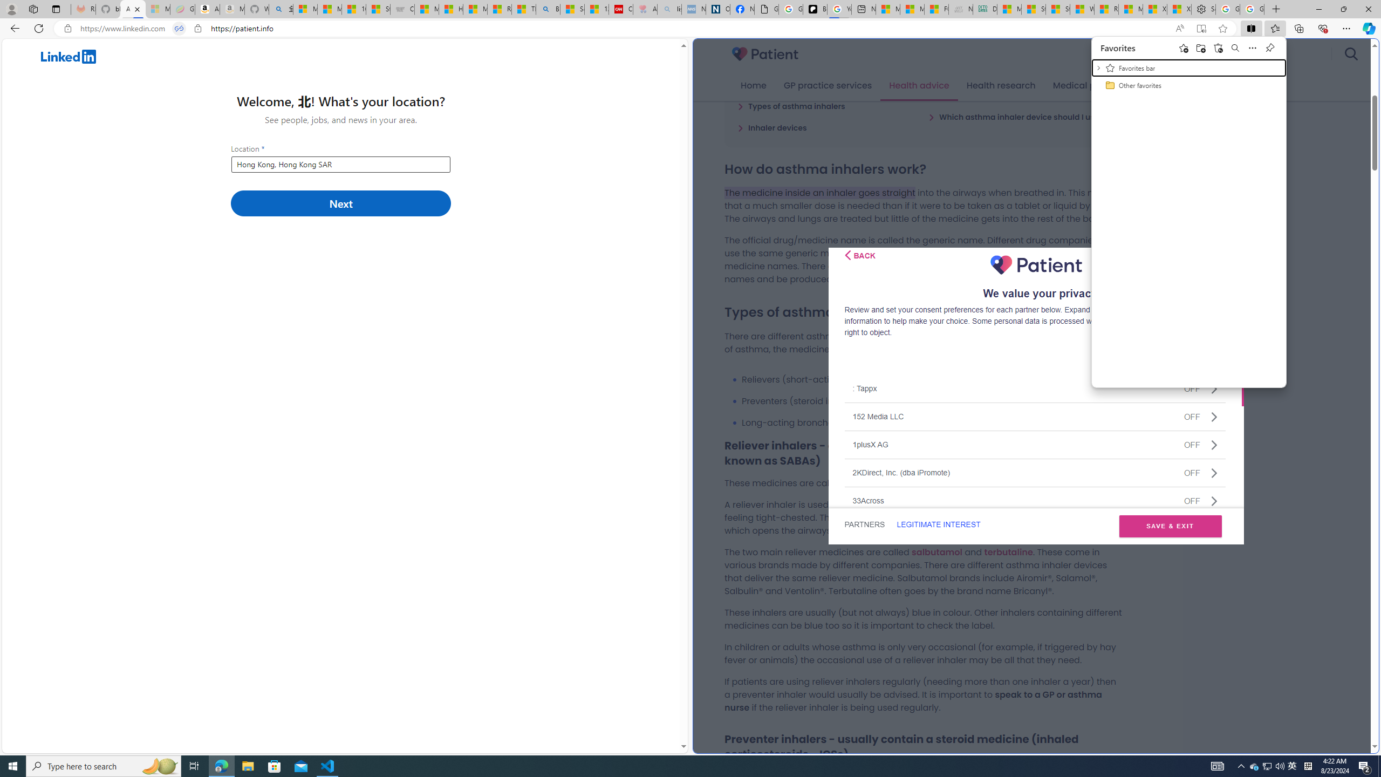 This screenshot has width=1381, height=777. What do you see at coordinates (1170, 526) in the screenshot?
I see `'SAVE & EXIT'` at bounding box center [1170, 526].